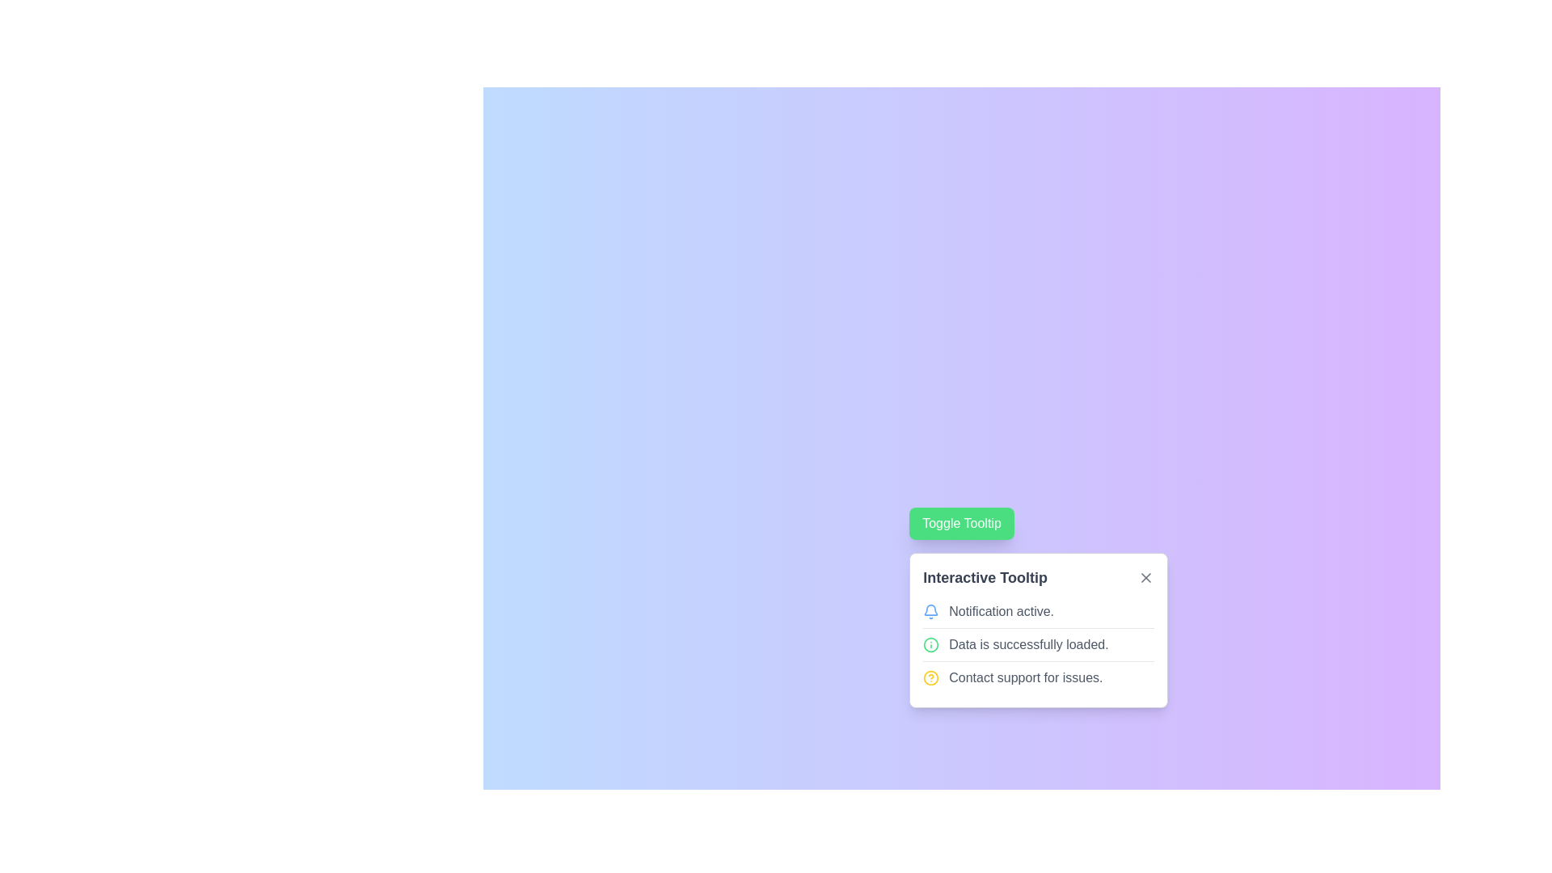  Describe the element at coordinates (931, 678) in the screenshot. I see `the icon that serves as a visual indicator to the left of the text 'Contact support for issues.' within a tooltip interface` at that location.